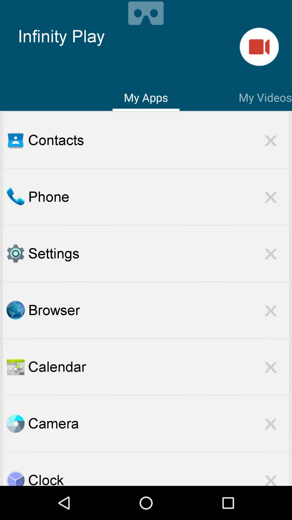 The height and width of the screenshot is (520, 292). Describe the element at coordinates (271, 310) in the screenshot. I see `this app` at that location.